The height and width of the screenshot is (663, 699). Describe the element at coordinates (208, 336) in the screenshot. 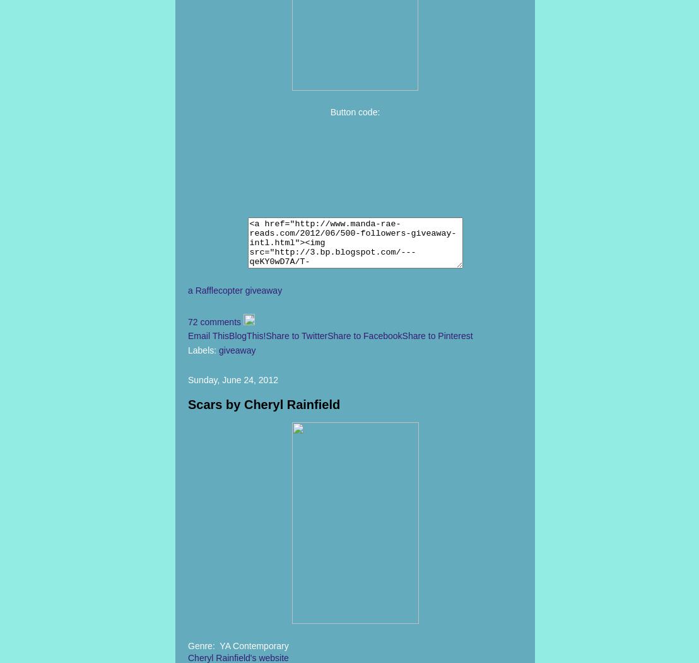

I see `'Email This'` at that location.